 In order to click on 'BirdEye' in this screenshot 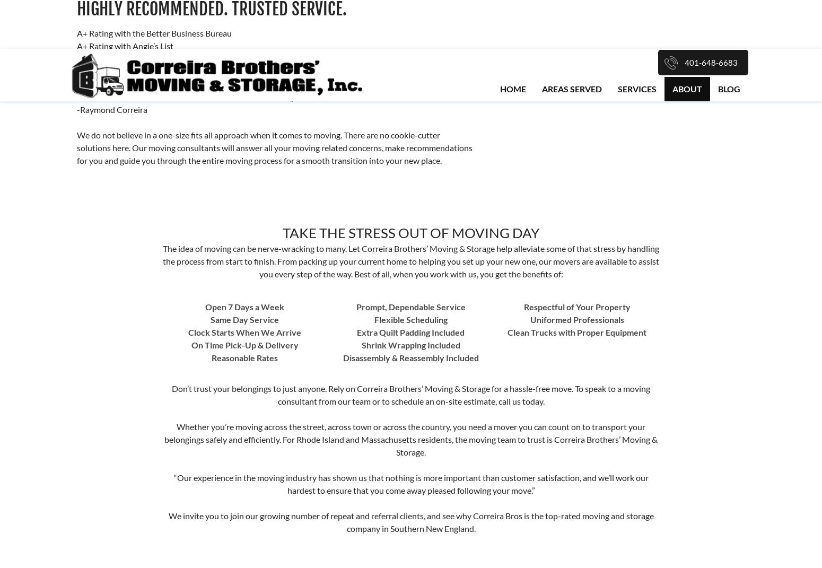, I will do `click(138, 190)`.